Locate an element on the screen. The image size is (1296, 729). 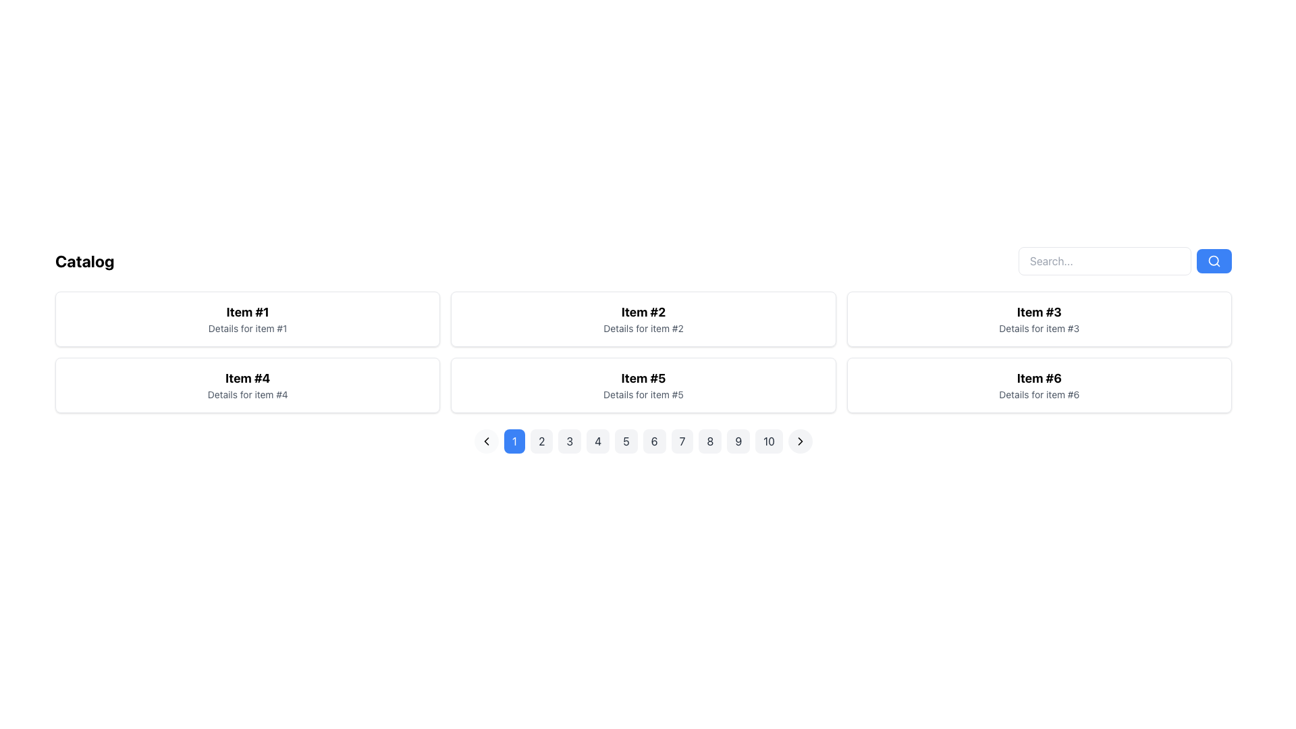
the ninth button in the pagination bar is located at coordinates (738, 441).